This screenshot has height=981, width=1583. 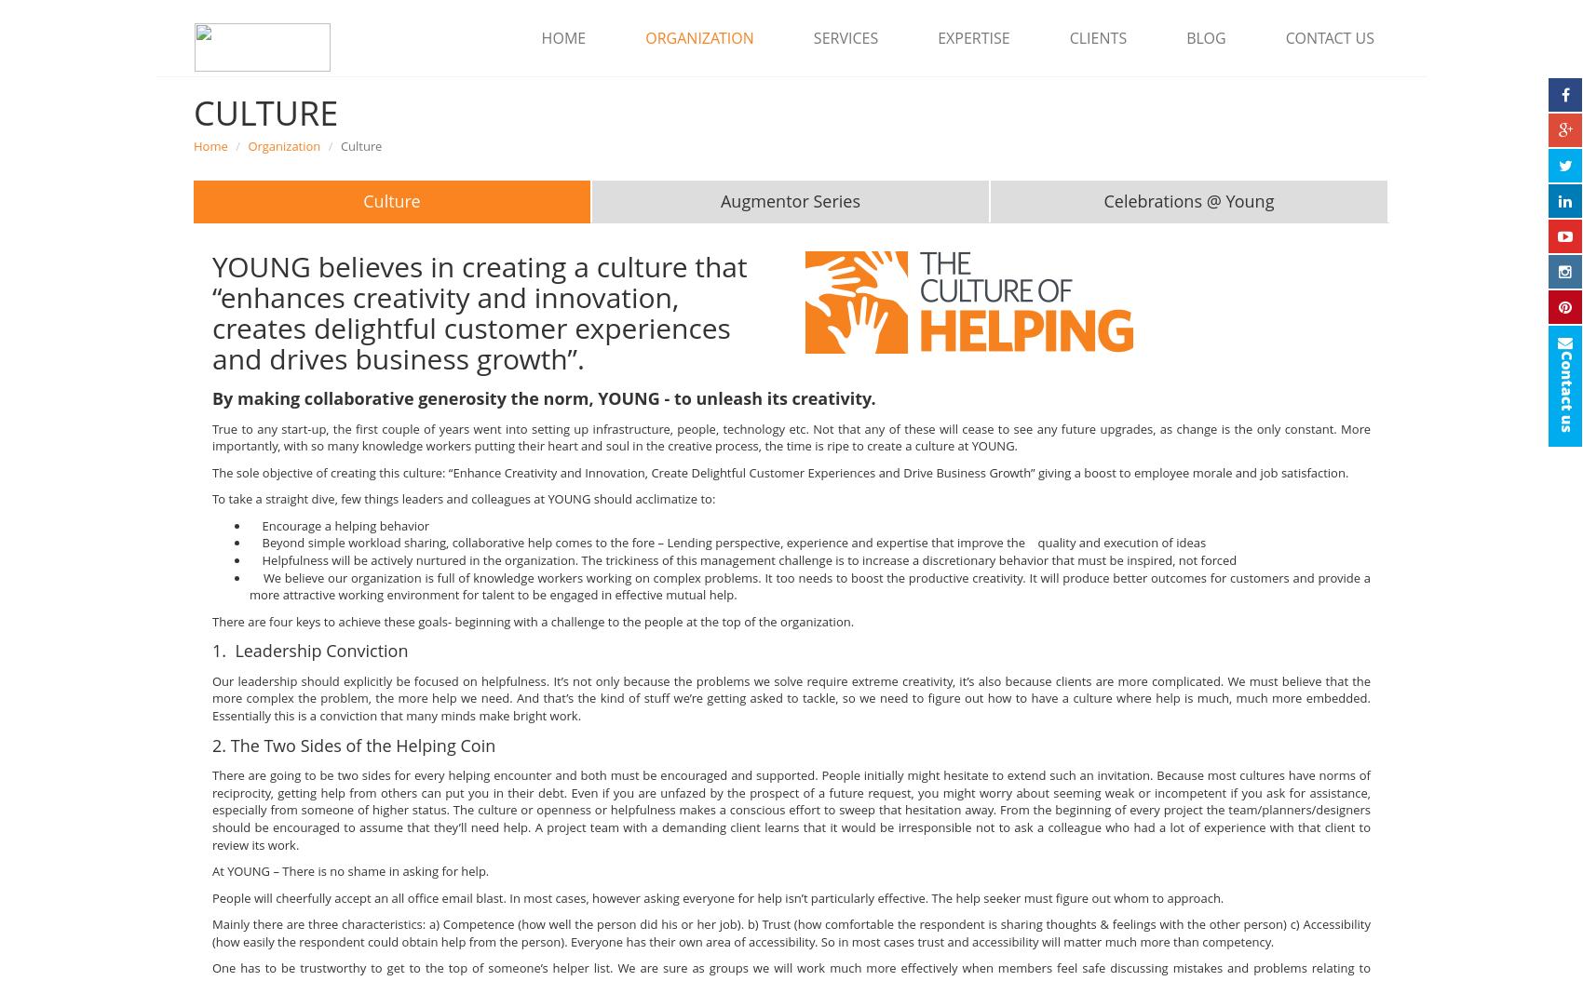 What do you see at coordinates (479, 311) in the screenshot?
I see `'YOUNG believes in creating a culture that “enhances creativity and innovation, creates delightful customer experiences and drives business growth”.'` at bounding box center [479, 311].